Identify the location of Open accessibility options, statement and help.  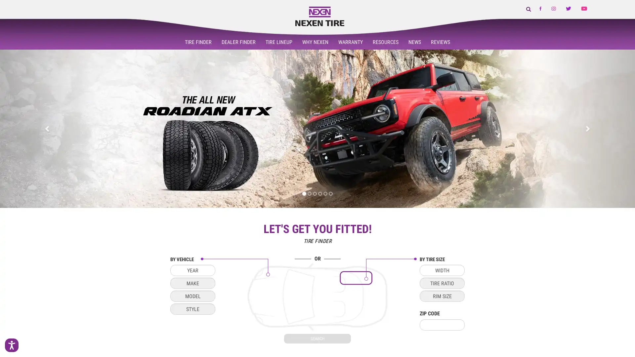
(14, 342).